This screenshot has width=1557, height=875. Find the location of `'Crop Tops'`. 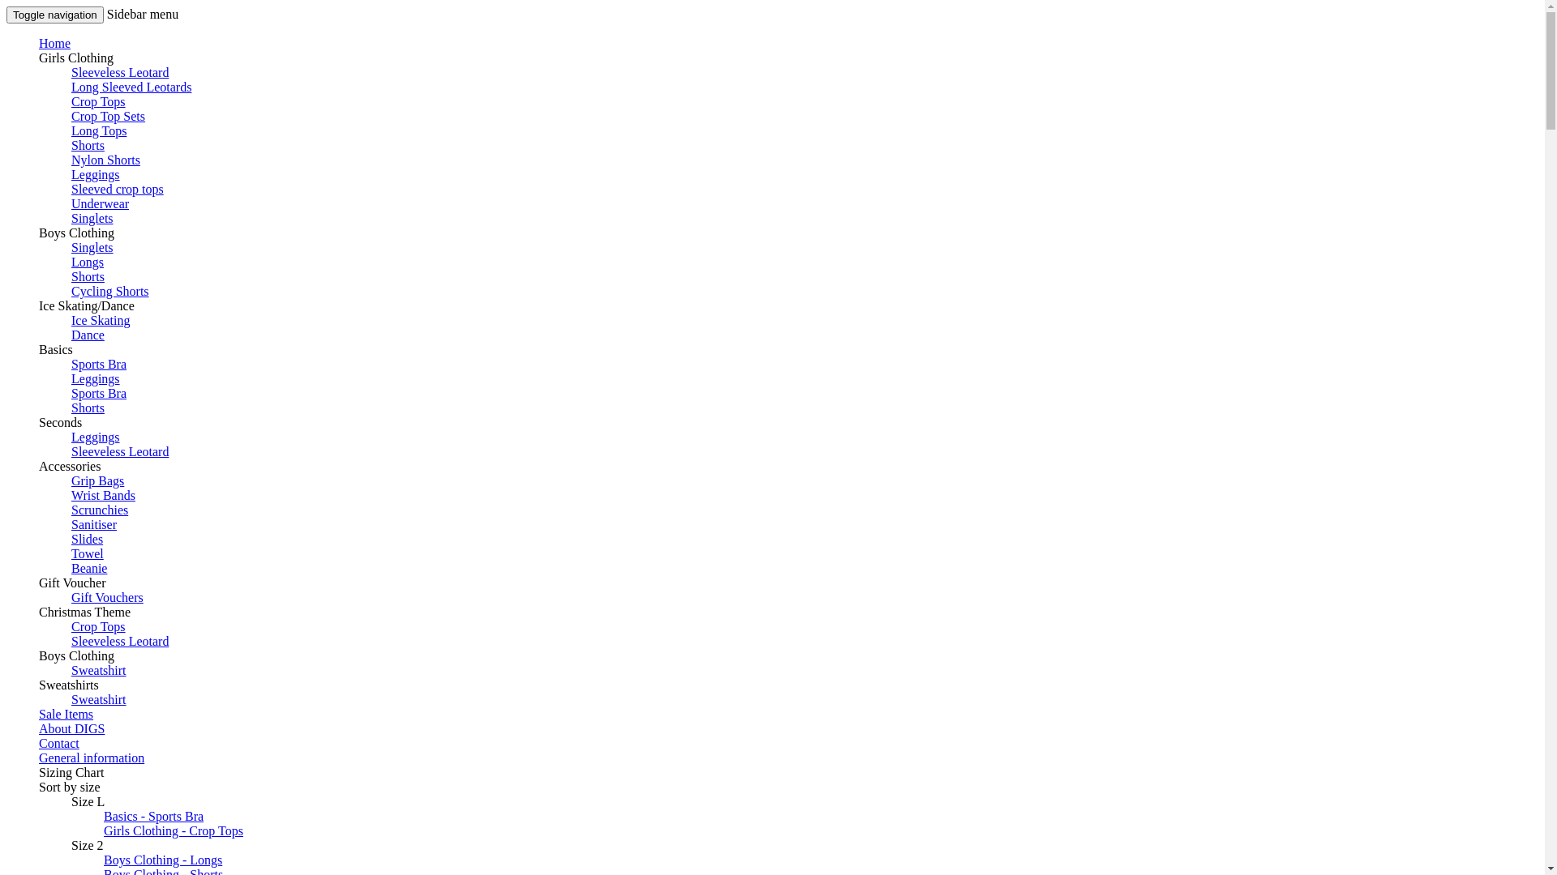

'Crop Tops' is located at coordinates (97, 625).